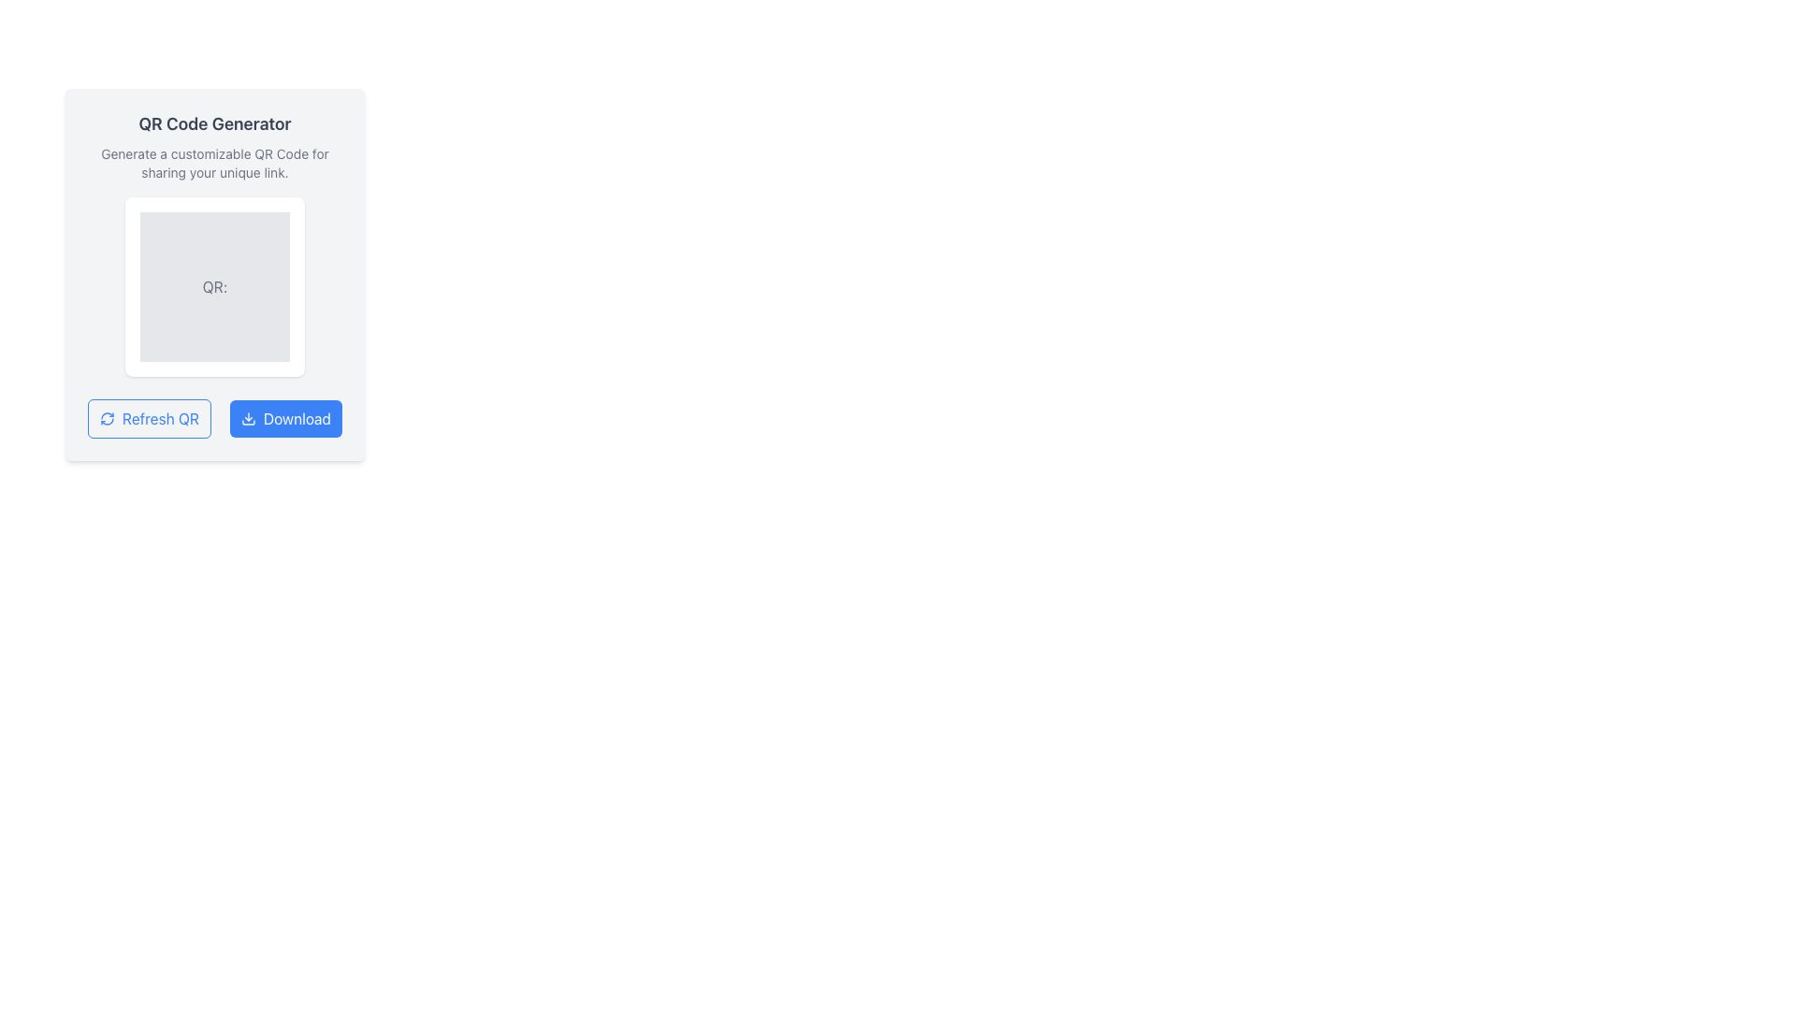 This screenshot has height=1010, width=1796. Describe the element at coordinates (215, 287) in the screenshot. I see `Text Label that serves as a placeholder for the QR code graphic, located at the center of the 'QR Code Generator' card UI` at that location.